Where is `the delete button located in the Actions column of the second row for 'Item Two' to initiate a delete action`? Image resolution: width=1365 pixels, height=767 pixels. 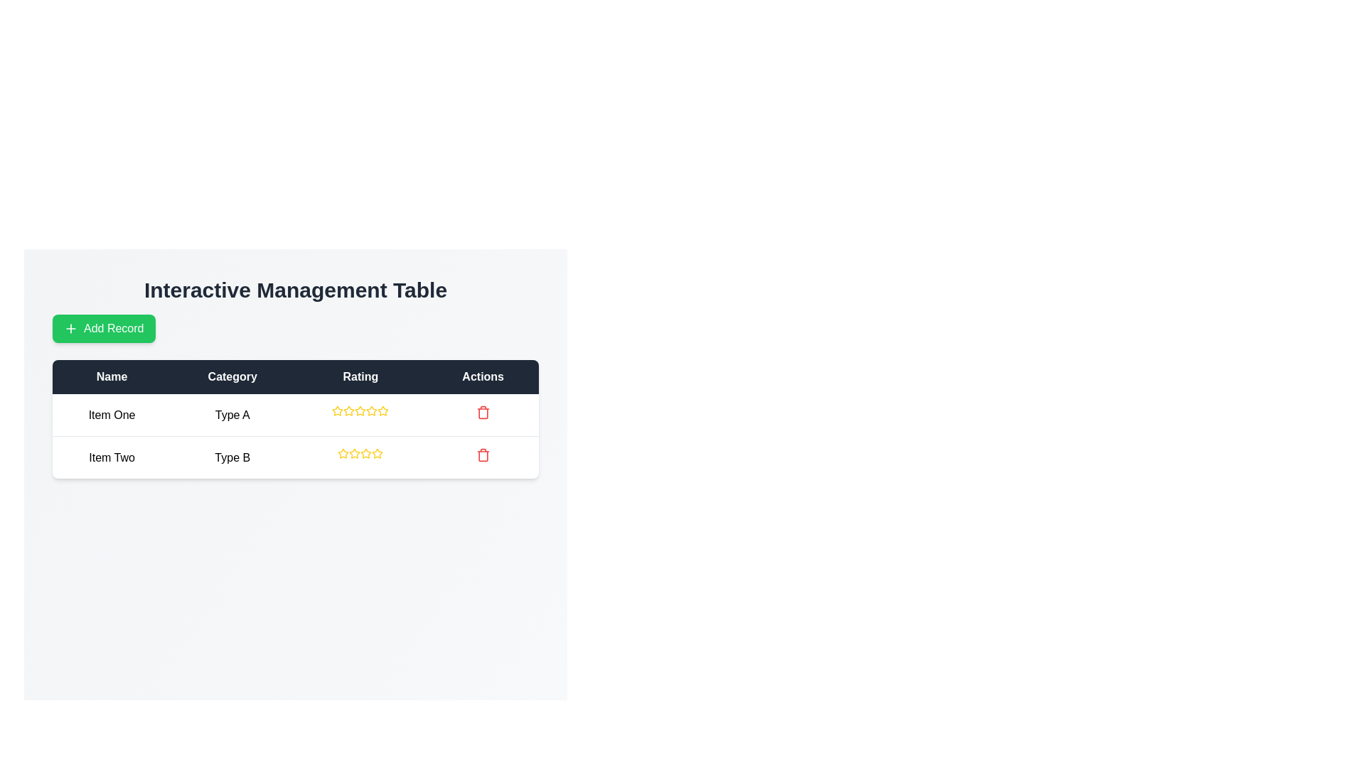
the delete button located in the Actions column of the second row for 'Item Two' to initiate a delete action is located at coordinates (483, 457).